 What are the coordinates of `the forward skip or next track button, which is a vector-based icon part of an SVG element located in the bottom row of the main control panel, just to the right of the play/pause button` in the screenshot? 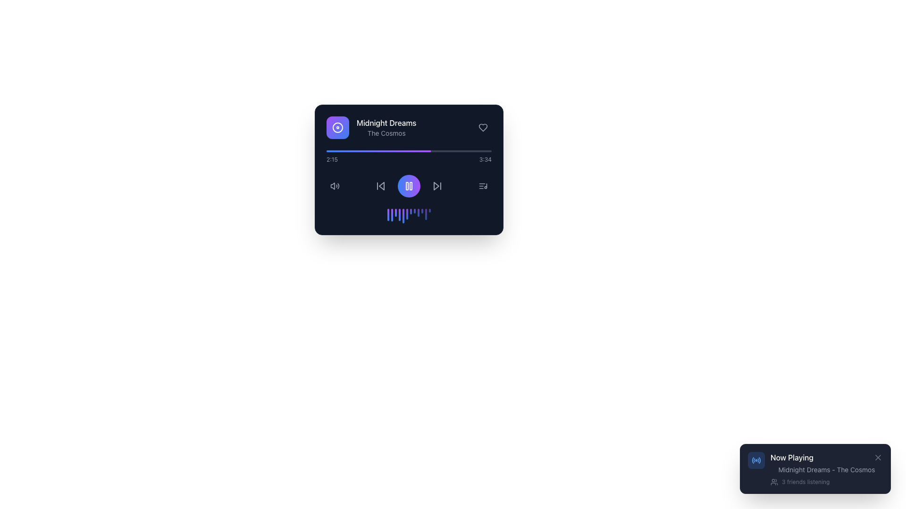 It's located at (436, 186).